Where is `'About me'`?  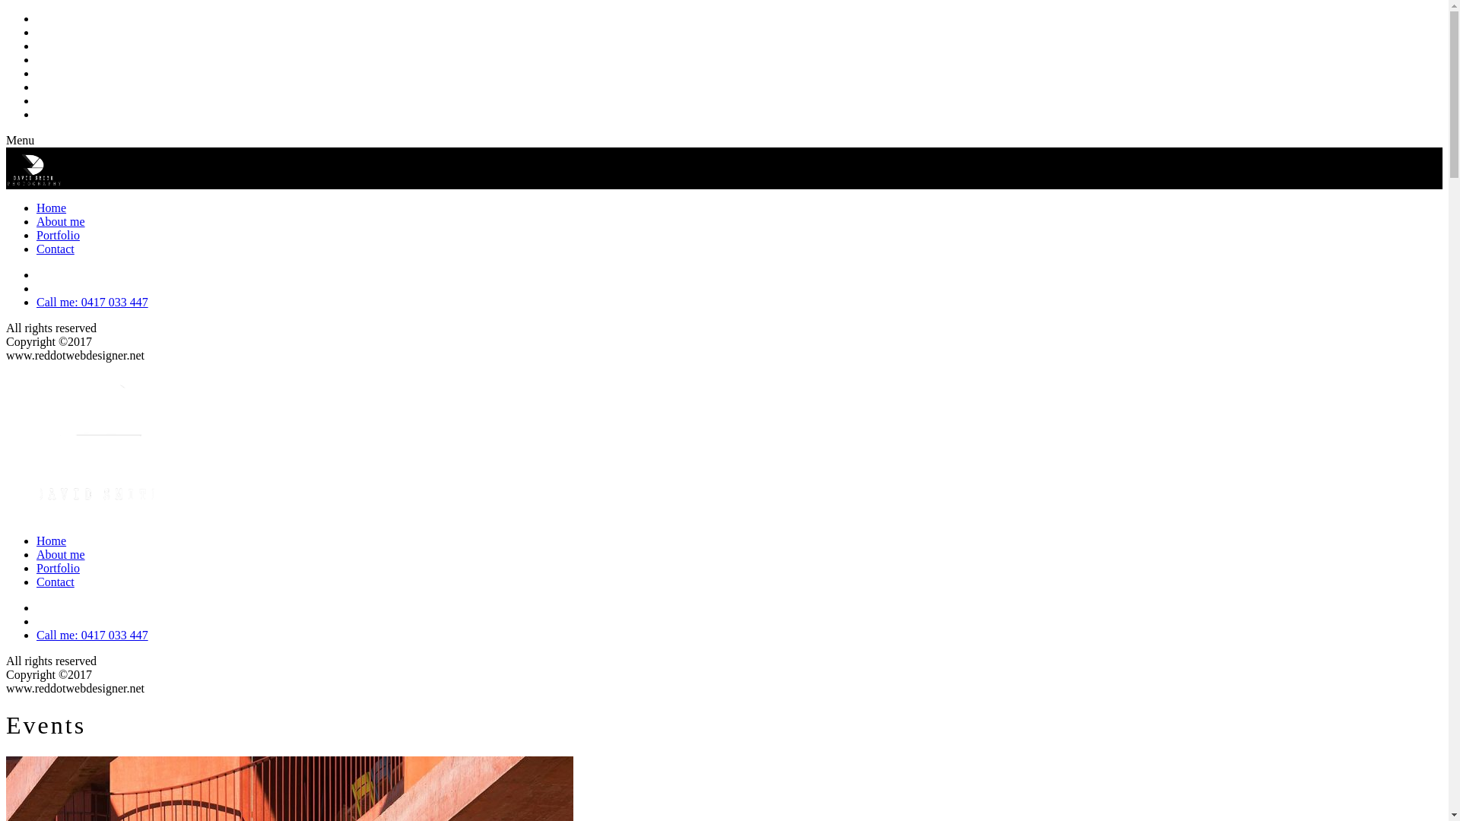 'About me' is located at coordinates (61, 554).